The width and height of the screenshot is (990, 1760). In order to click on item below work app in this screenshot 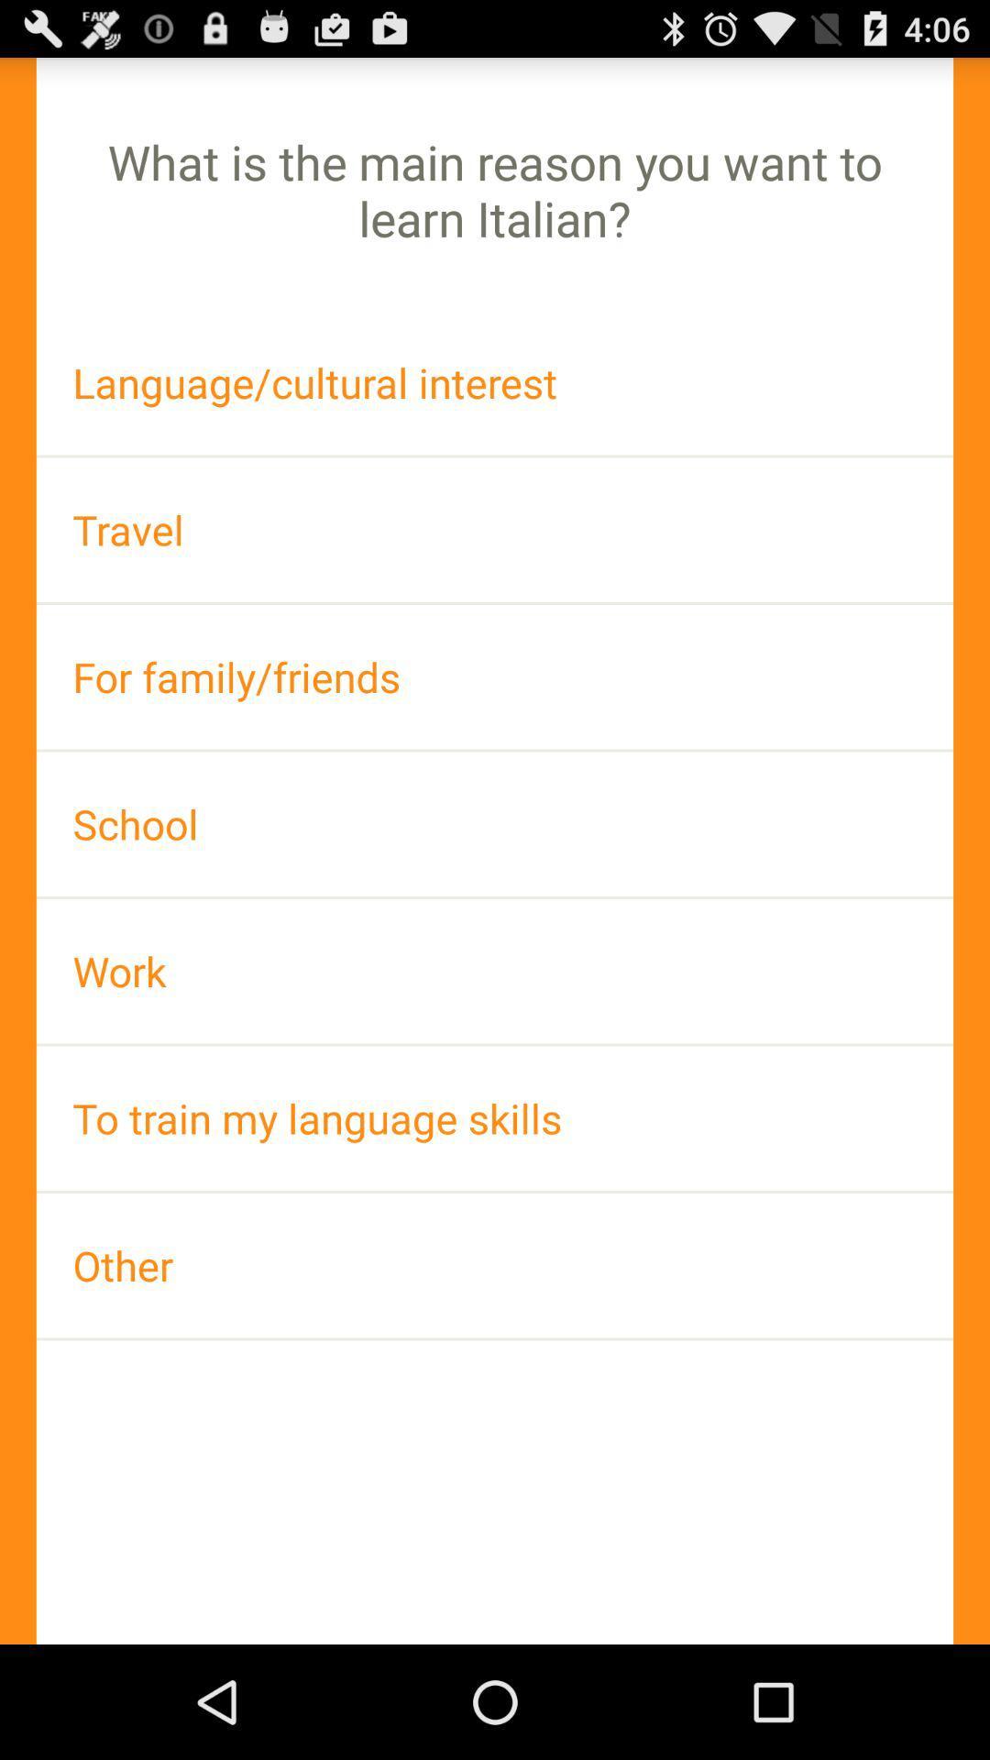, I will do `click(495, 1117)`.